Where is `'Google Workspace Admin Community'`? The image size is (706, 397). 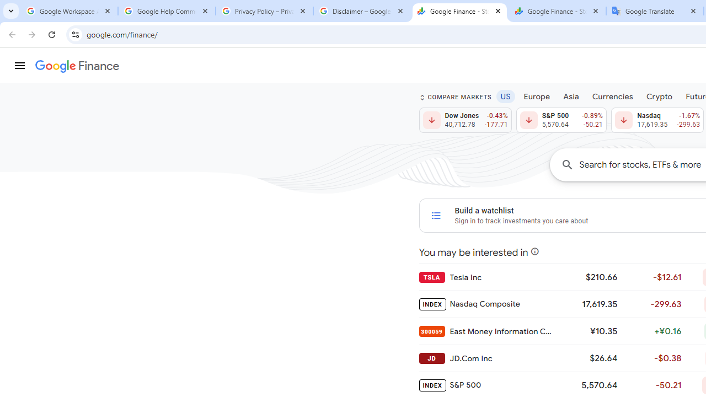
'Google Workspace Admin Community' is located at coordinates (68, 11).